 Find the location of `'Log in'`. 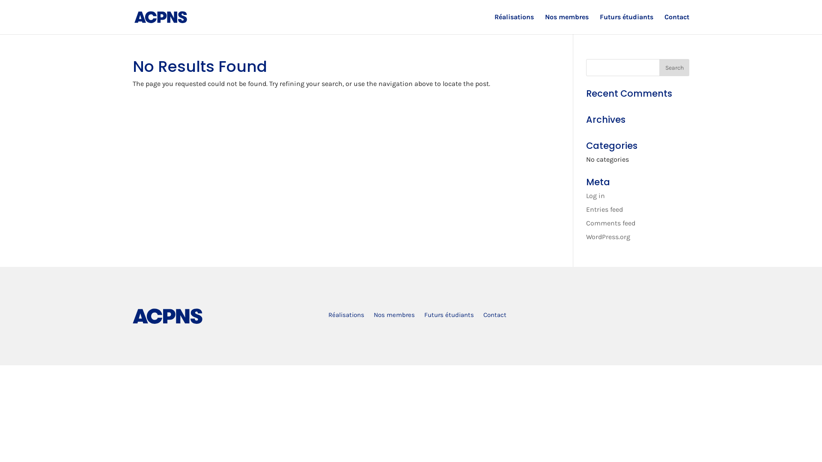

'Log in' is located at coordinates (595, 195).